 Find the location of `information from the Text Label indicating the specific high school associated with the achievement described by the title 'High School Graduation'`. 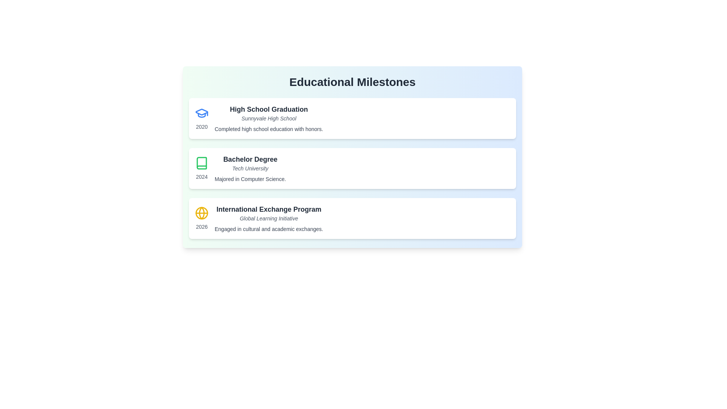

information from the Text Label indicating the specific high school associated with the achievement described by the title 'High School Graduation' is located at coordinates (269, 118).